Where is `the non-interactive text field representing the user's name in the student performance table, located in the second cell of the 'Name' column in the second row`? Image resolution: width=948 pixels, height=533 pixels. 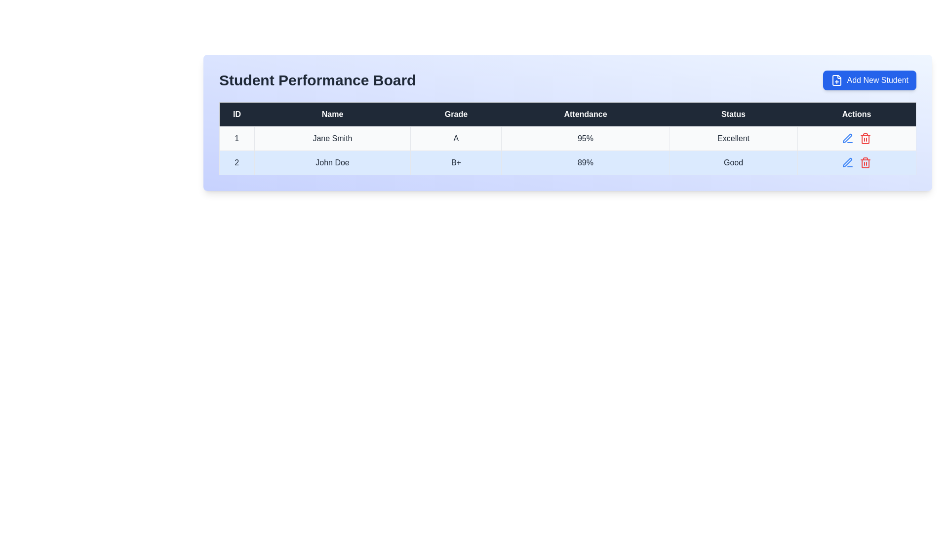 the non-interactive text field representing the user's name in the student performance table, located in the second cell of the 'Name' column in the second row is located at coordinates (332, 162).